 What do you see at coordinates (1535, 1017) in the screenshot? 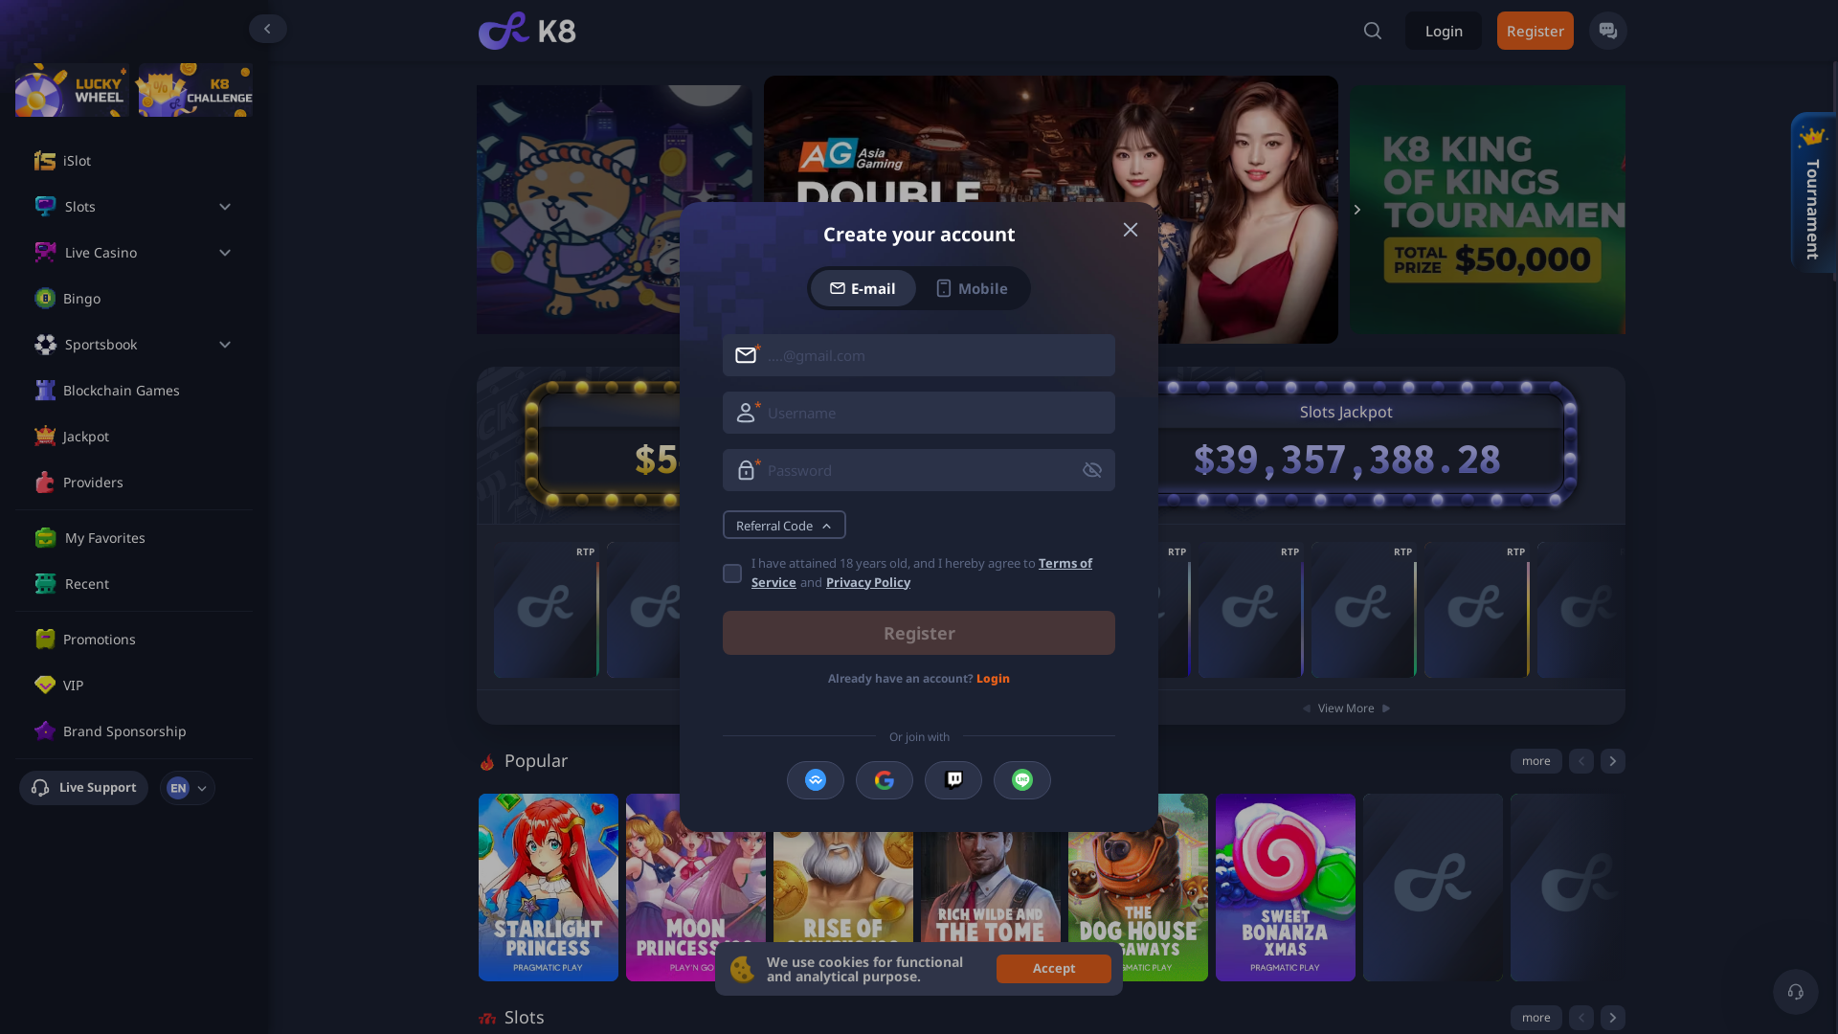
I see `'more'` at bounding box center [1535, 1017].